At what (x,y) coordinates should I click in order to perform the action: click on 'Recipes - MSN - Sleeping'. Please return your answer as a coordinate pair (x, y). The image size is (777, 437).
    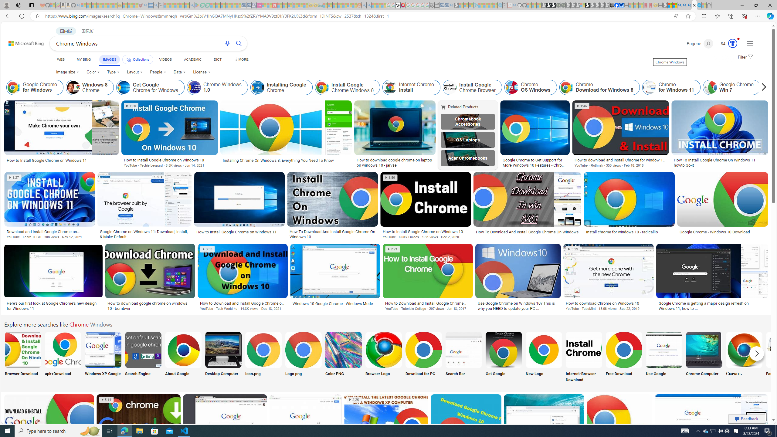
    Looking at the image, I should click on (125, 5).